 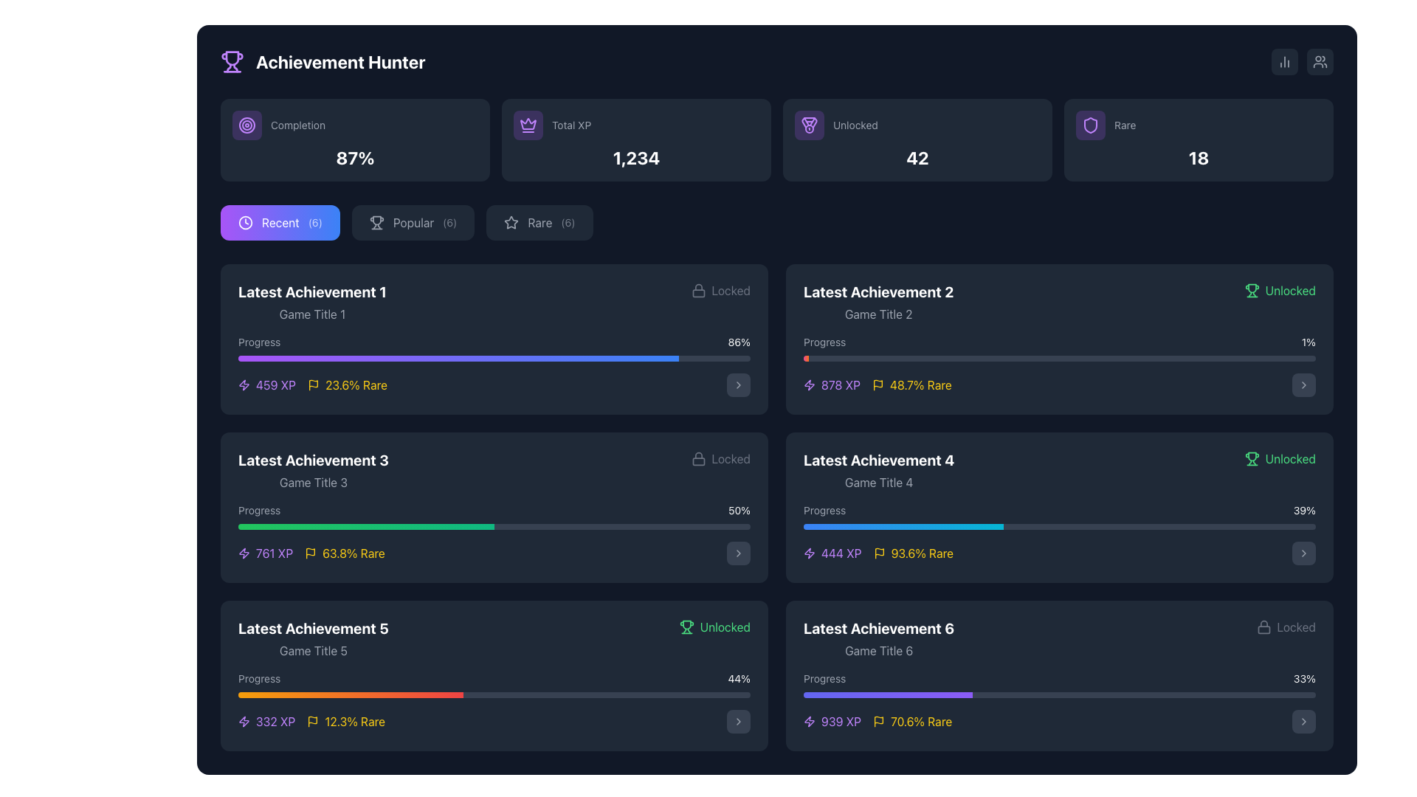 What do you see at coordinates (345, 721) in the screenshot?
I see `the rarity percentage displayed as '12.3% Rare' in yellow color, located below the progress bar of the 'Latest Achievement 5' card` at bounding box center [345, 721].